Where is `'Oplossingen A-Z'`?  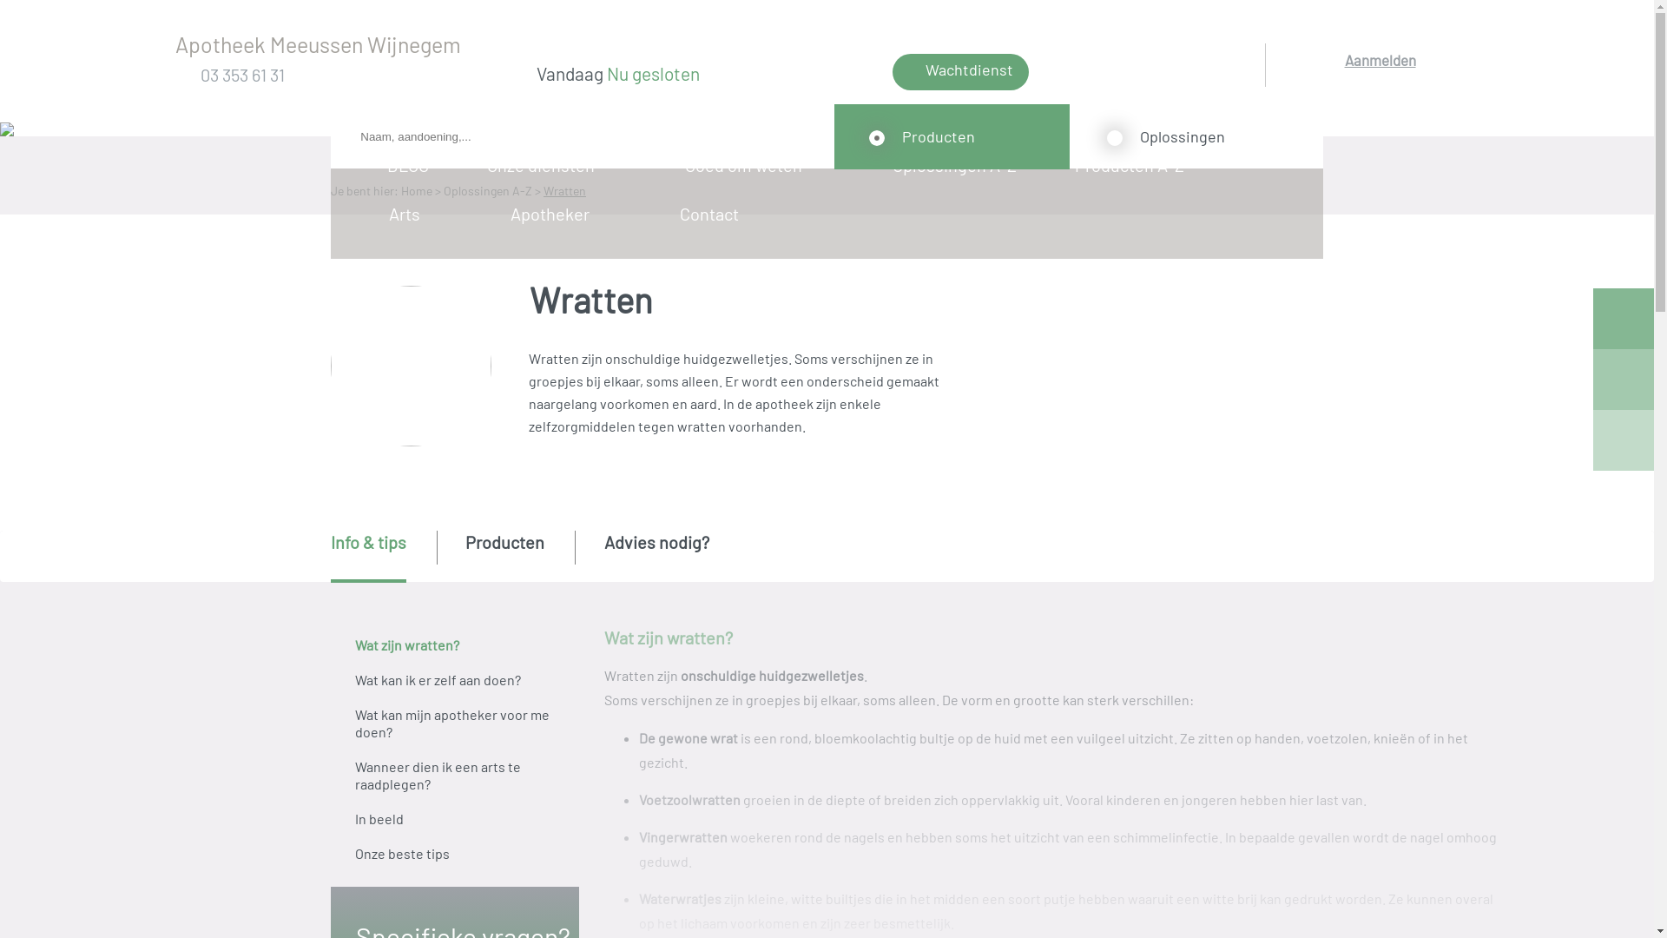 'Oplossingen A-Z' is located at coordinates (959, 164).